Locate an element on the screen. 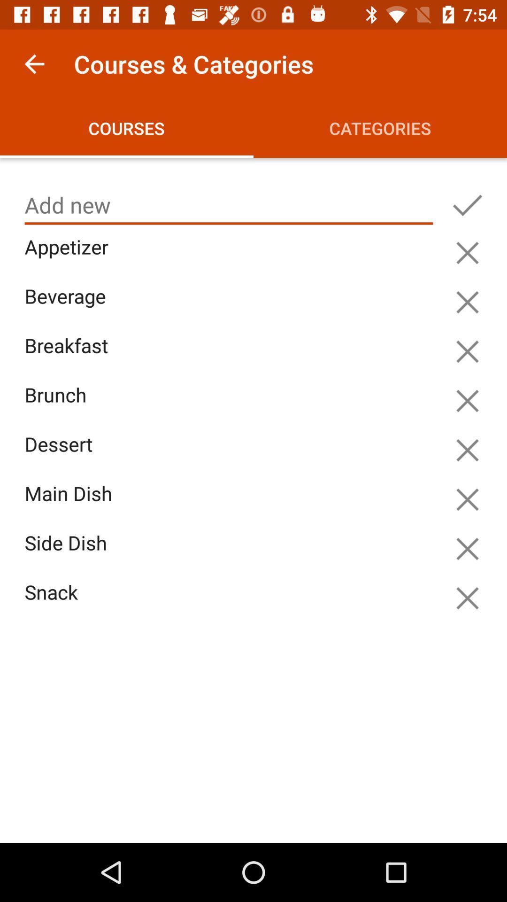  what to add is located at coordinates (229, 205).